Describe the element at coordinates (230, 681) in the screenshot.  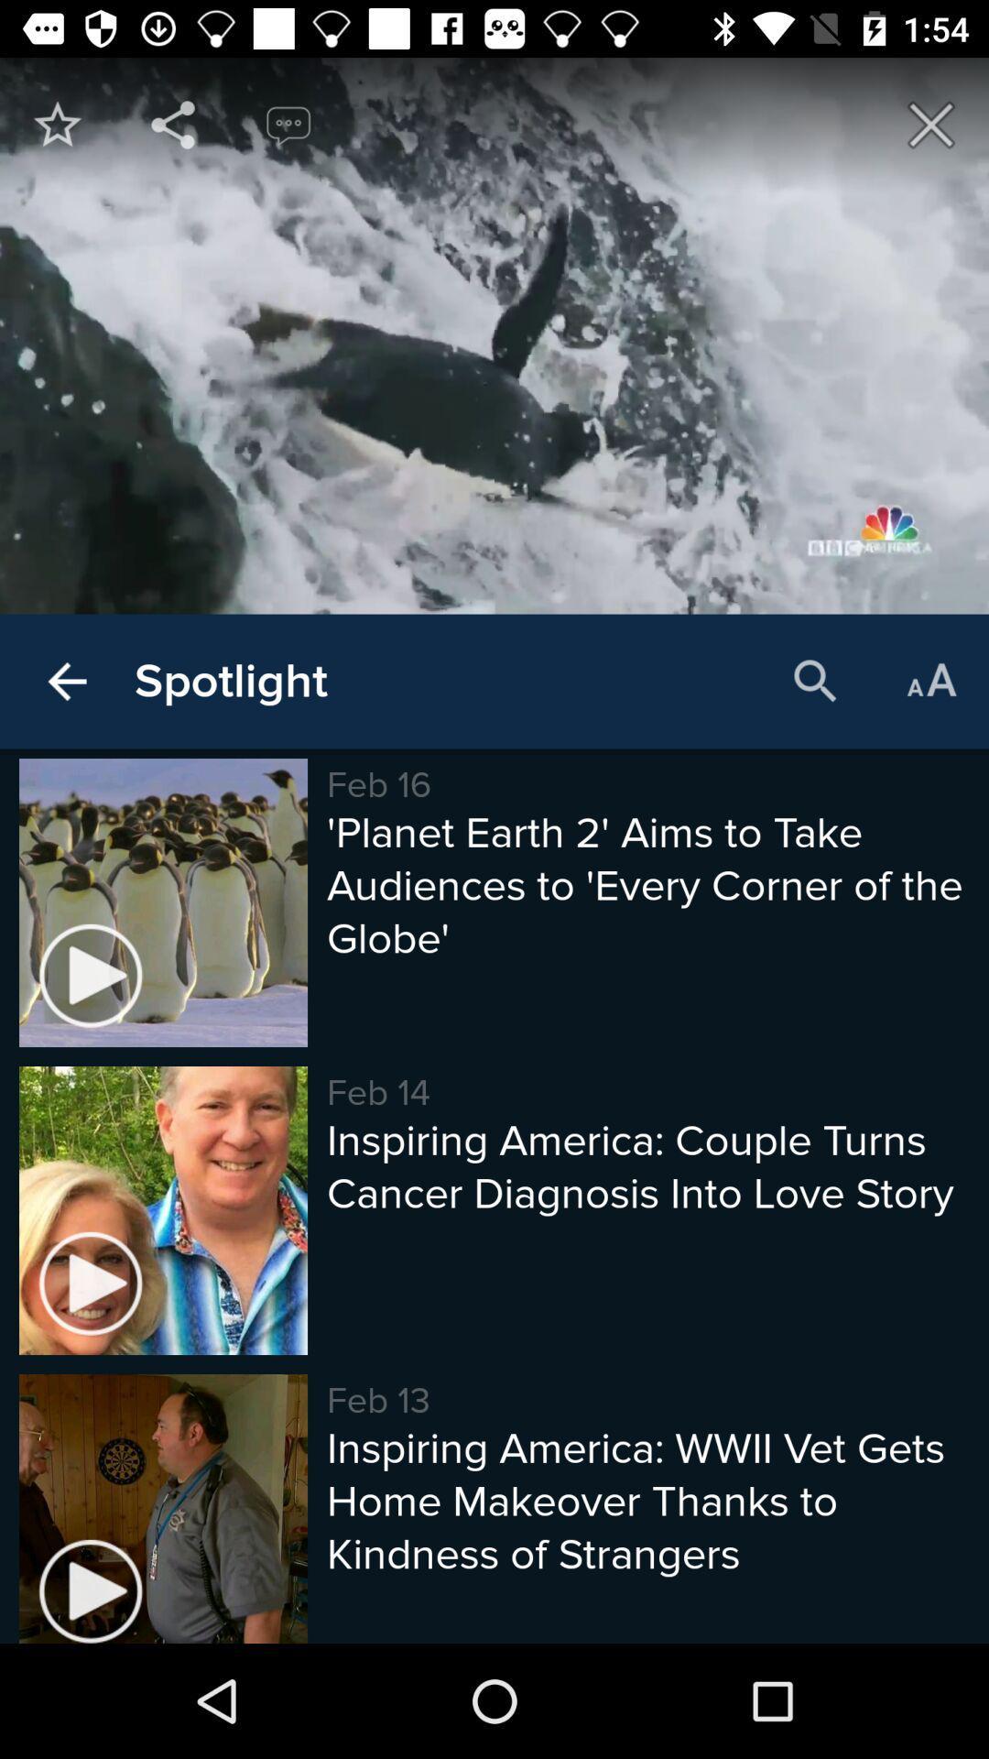
I see `spotlight icon` at that location.